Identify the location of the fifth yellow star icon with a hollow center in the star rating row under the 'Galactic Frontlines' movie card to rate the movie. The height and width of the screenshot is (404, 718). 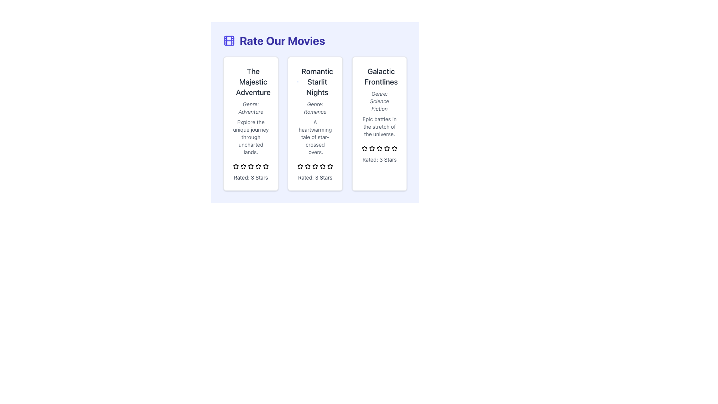
(379, 149).